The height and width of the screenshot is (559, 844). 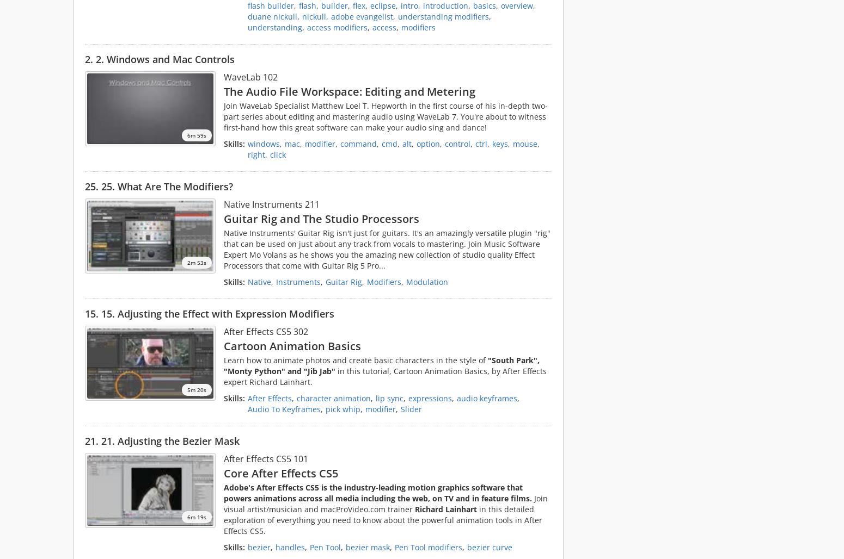 I want to click on 'Modulation', so click(x=426, y=281).